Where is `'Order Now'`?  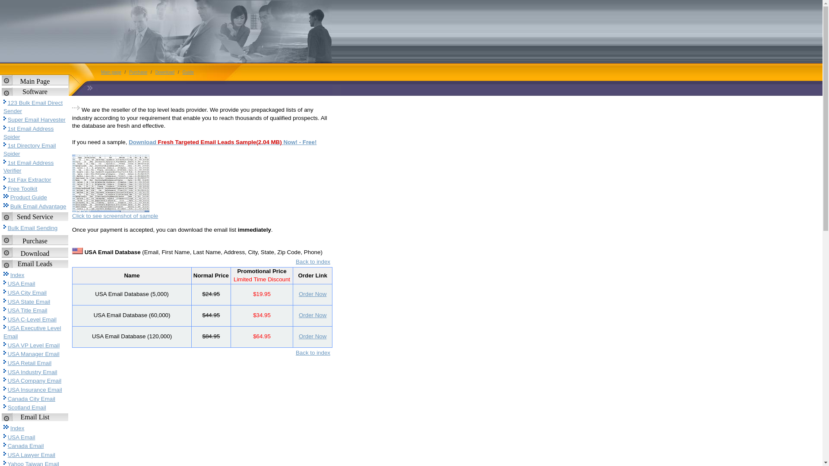
'Order Now' is located at coordinates (312, 315).